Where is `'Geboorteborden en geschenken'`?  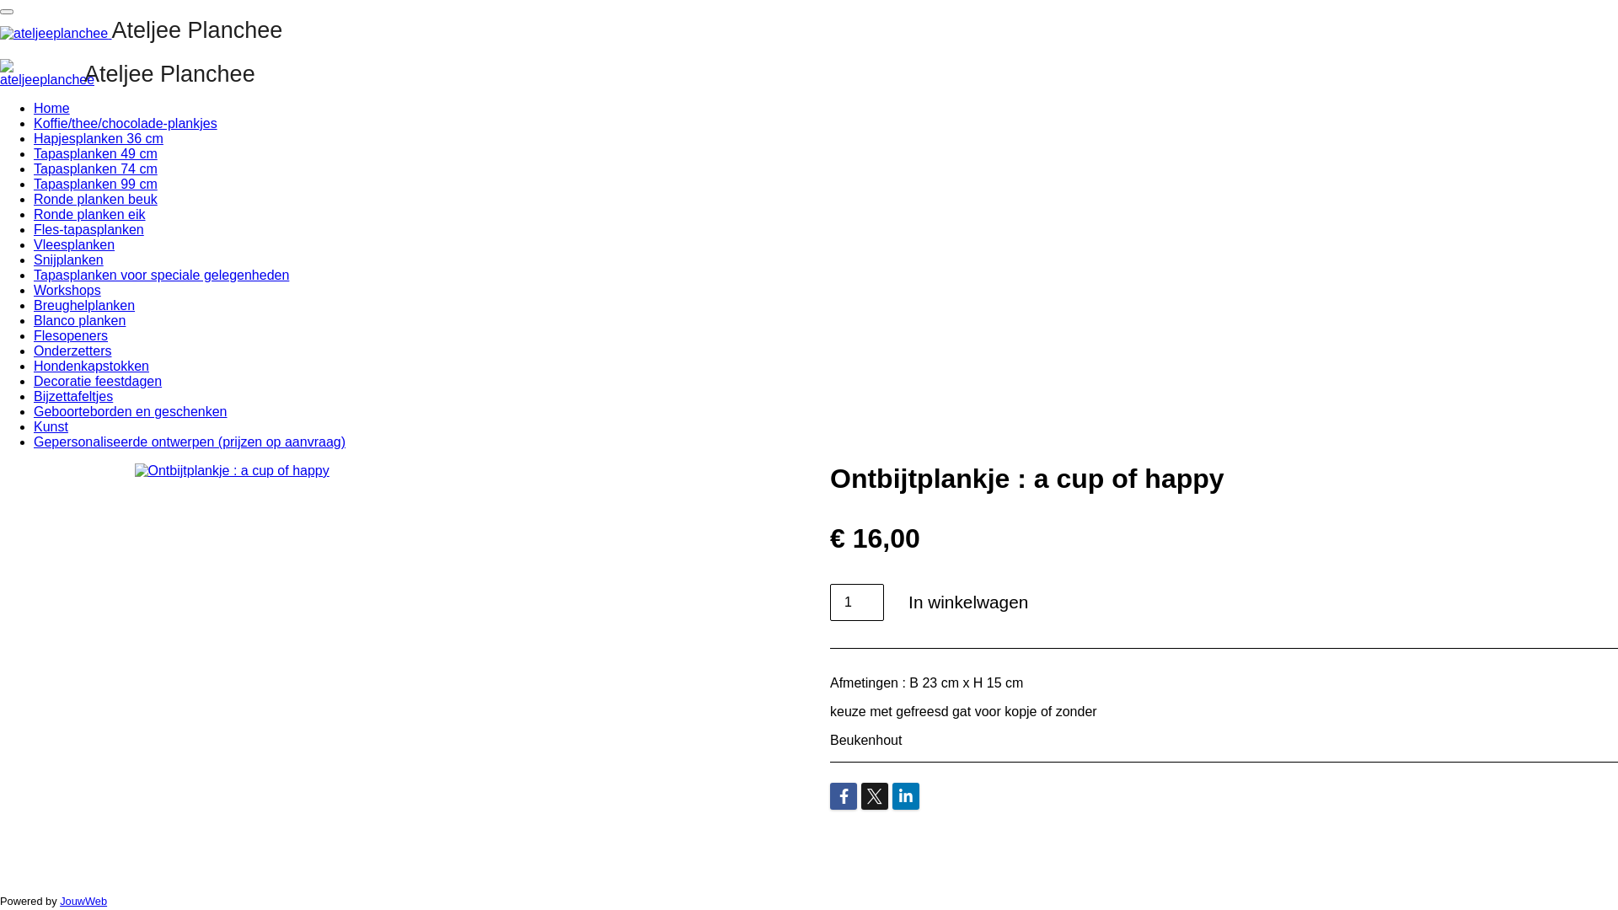 'Geboorteborden en geschenken' is located at coordinates (33, 411).